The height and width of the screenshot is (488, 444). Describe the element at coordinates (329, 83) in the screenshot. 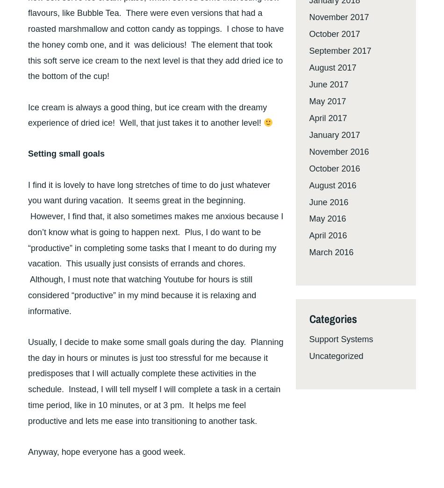

I see `'June 2017'` at that location.